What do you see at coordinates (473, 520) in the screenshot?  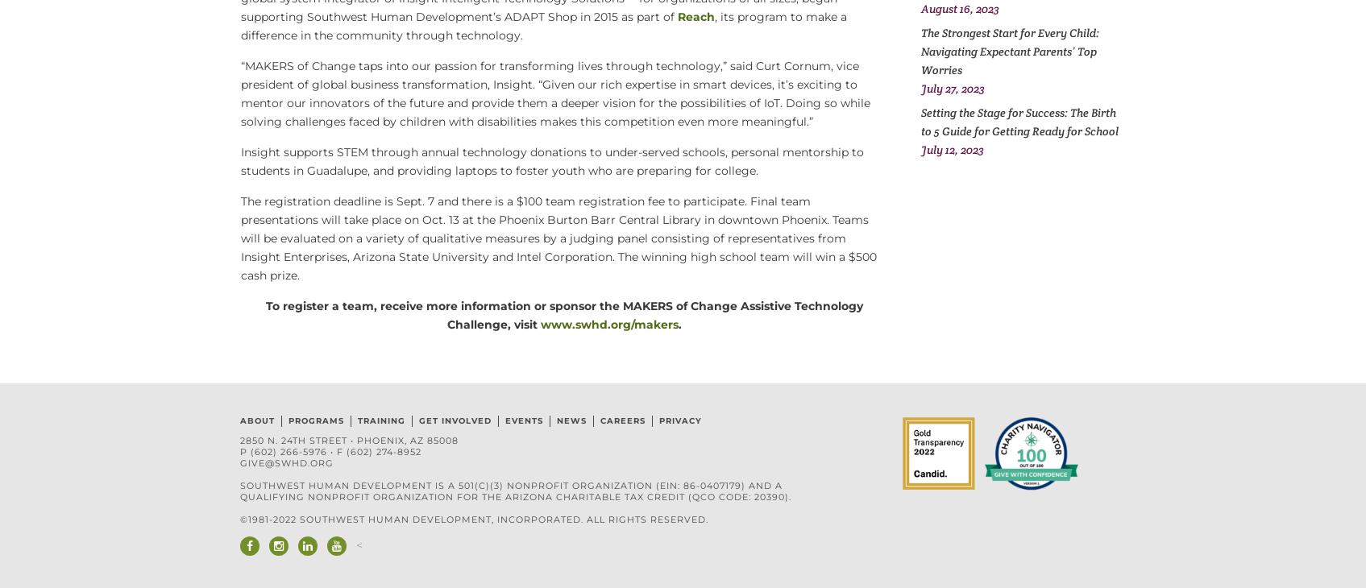 I see `'©1981-2022 Southwest Human Development, Incorporated. All rights reserved.'` at bounding box center [473, 520].